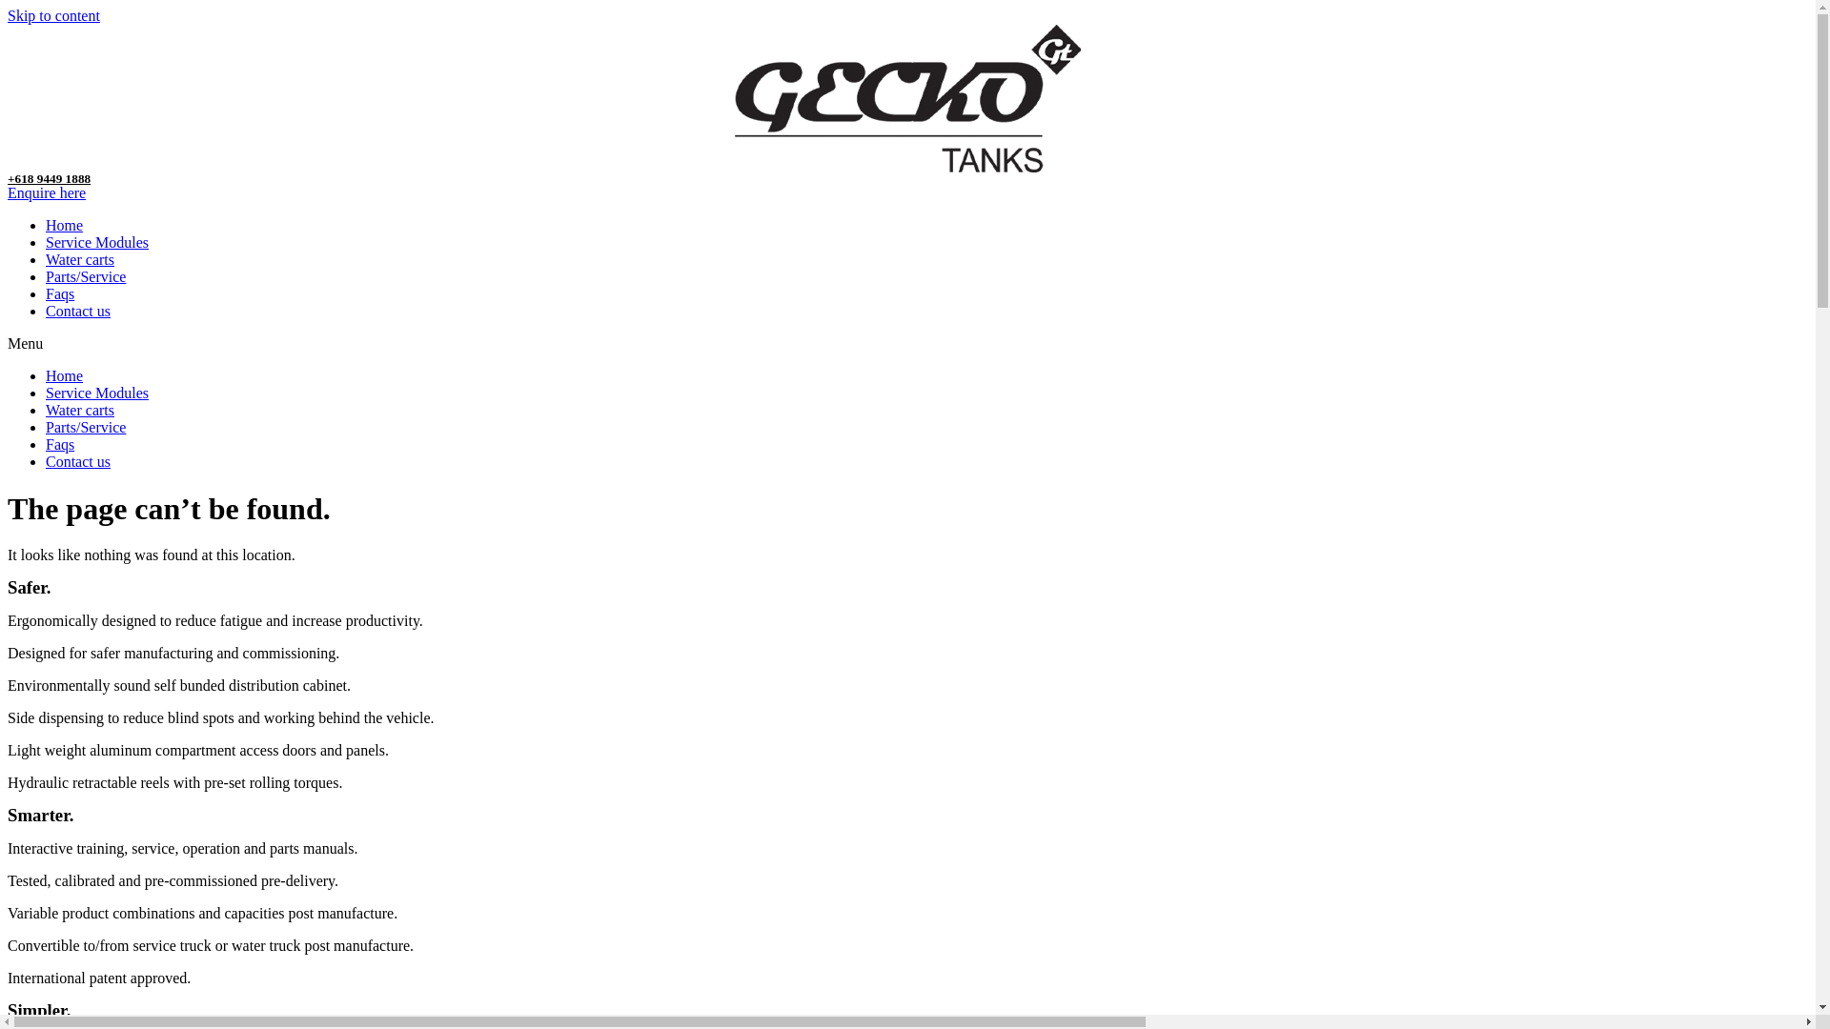 The height and width of the screenshot is (1029, 1830). I want to click on 'Water carts', so click(78, 259).